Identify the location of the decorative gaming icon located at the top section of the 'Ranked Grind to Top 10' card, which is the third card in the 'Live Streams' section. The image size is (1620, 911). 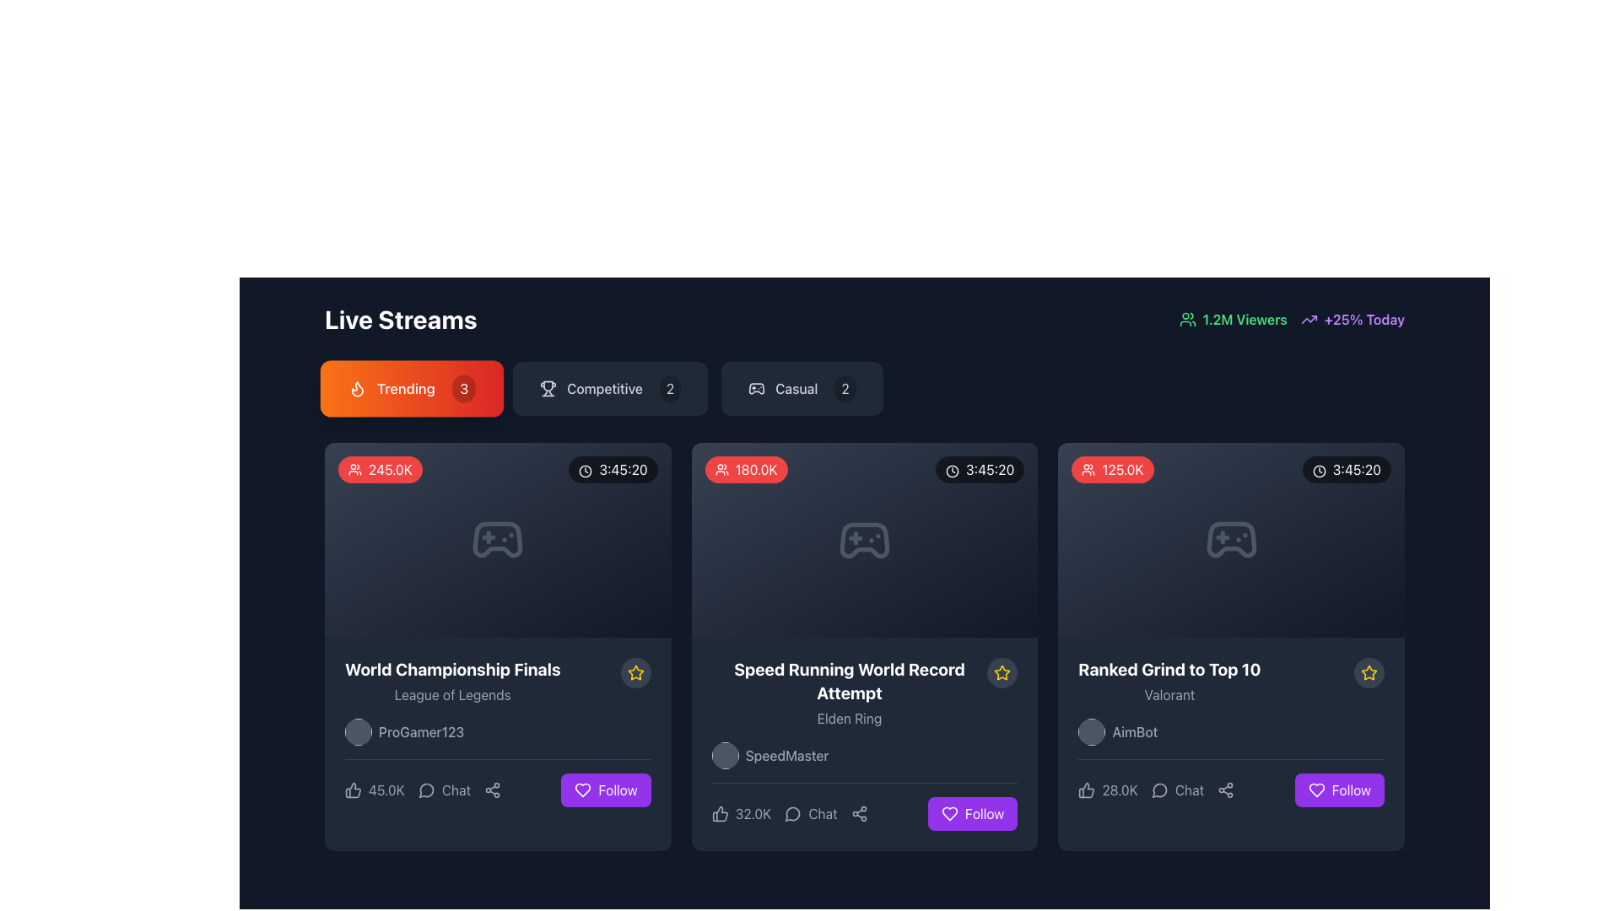
(1231, 540).